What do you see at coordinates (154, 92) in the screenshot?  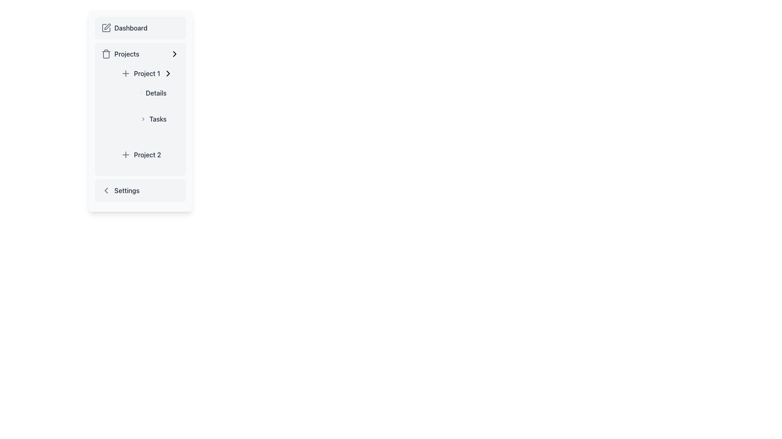 I see `the first list item under the 'Project 1' section in the sidebar menu` at bounding box center [154, 92].